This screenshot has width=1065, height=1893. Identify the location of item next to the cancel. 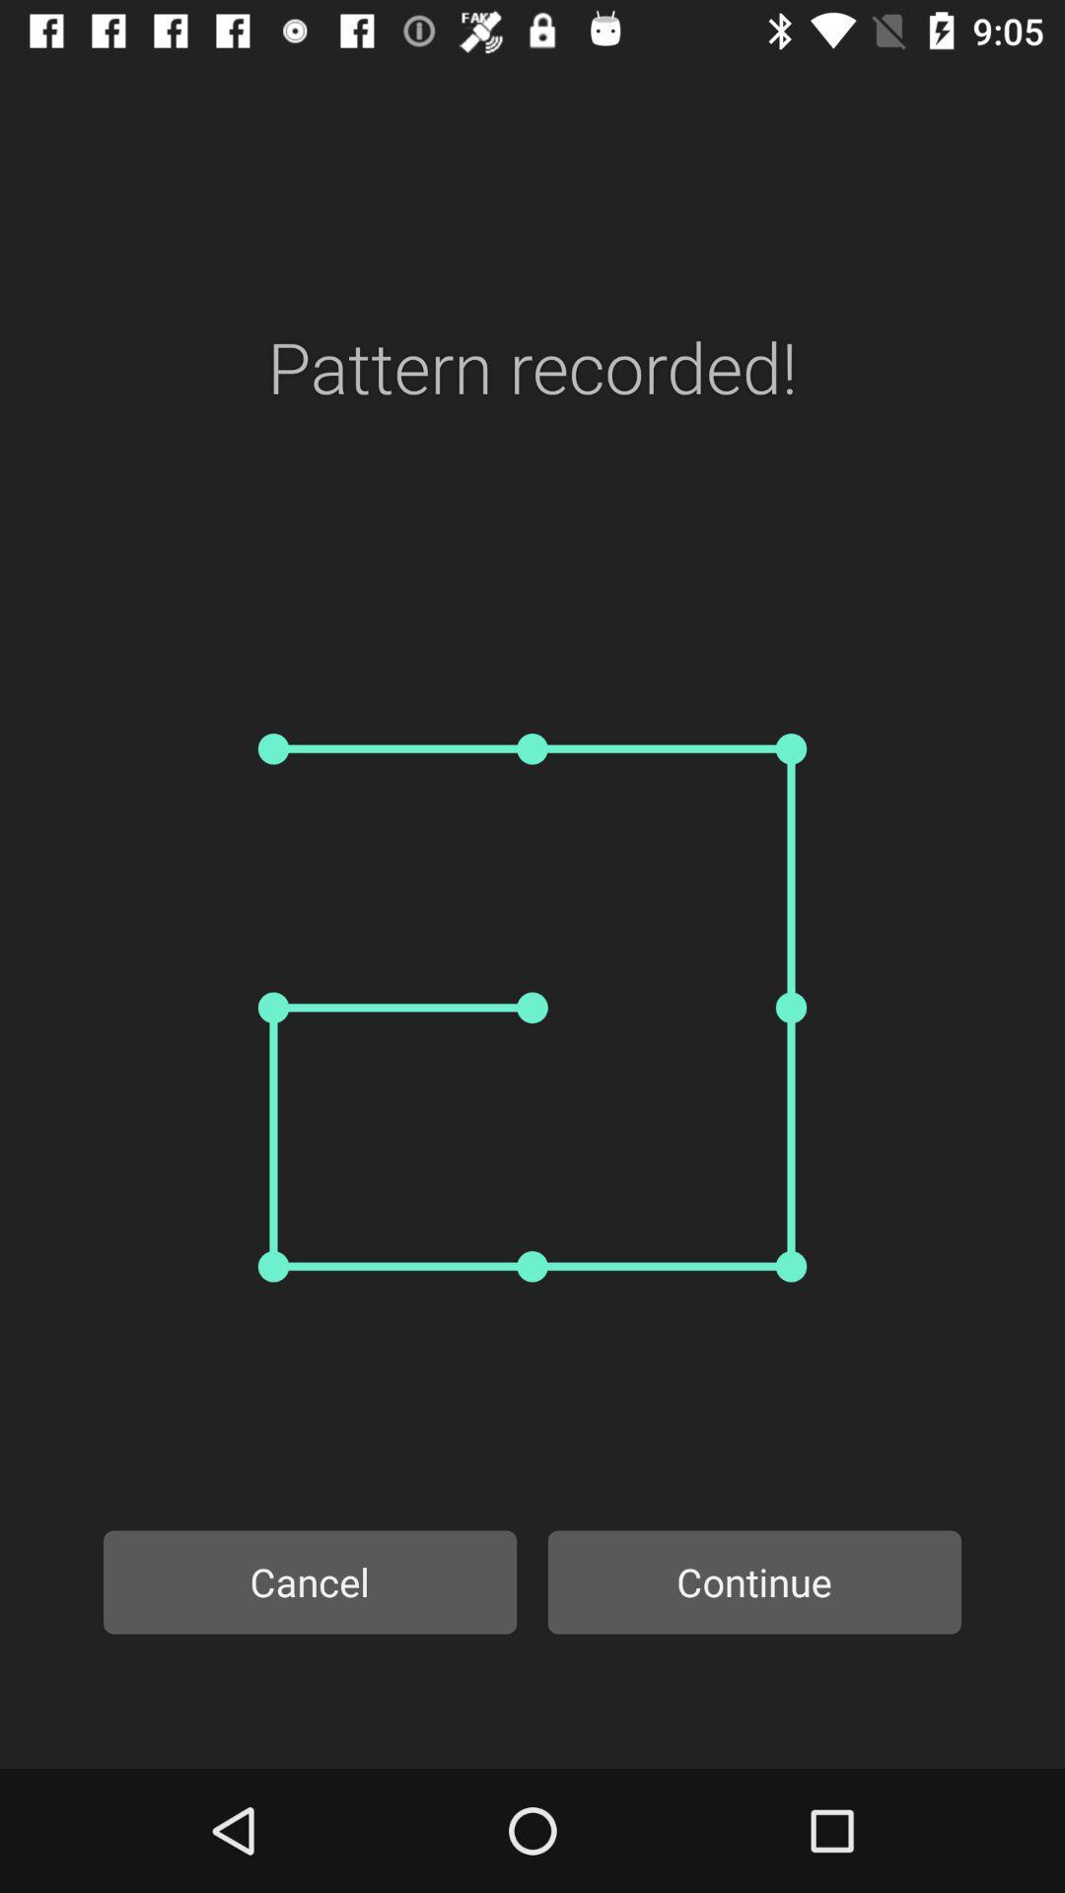
(754, 1581).